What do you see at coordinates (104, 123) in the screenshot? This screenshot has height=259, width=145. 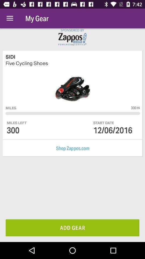 I see `start date item` at bounding box center [104, 123].